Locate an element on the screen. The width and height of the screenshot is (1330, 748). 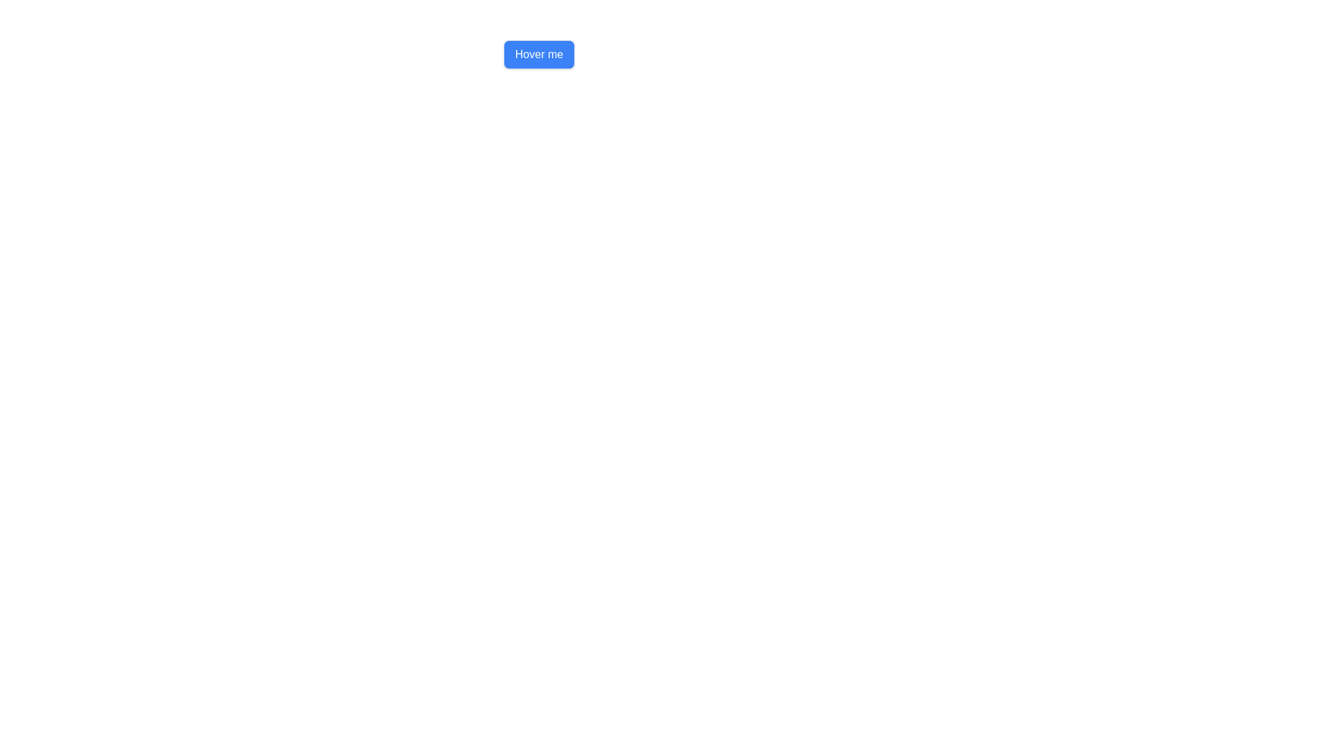
the blue button with rounded corners labeled 'Hover me' to observe an effect is located at coordinates (538, 53).